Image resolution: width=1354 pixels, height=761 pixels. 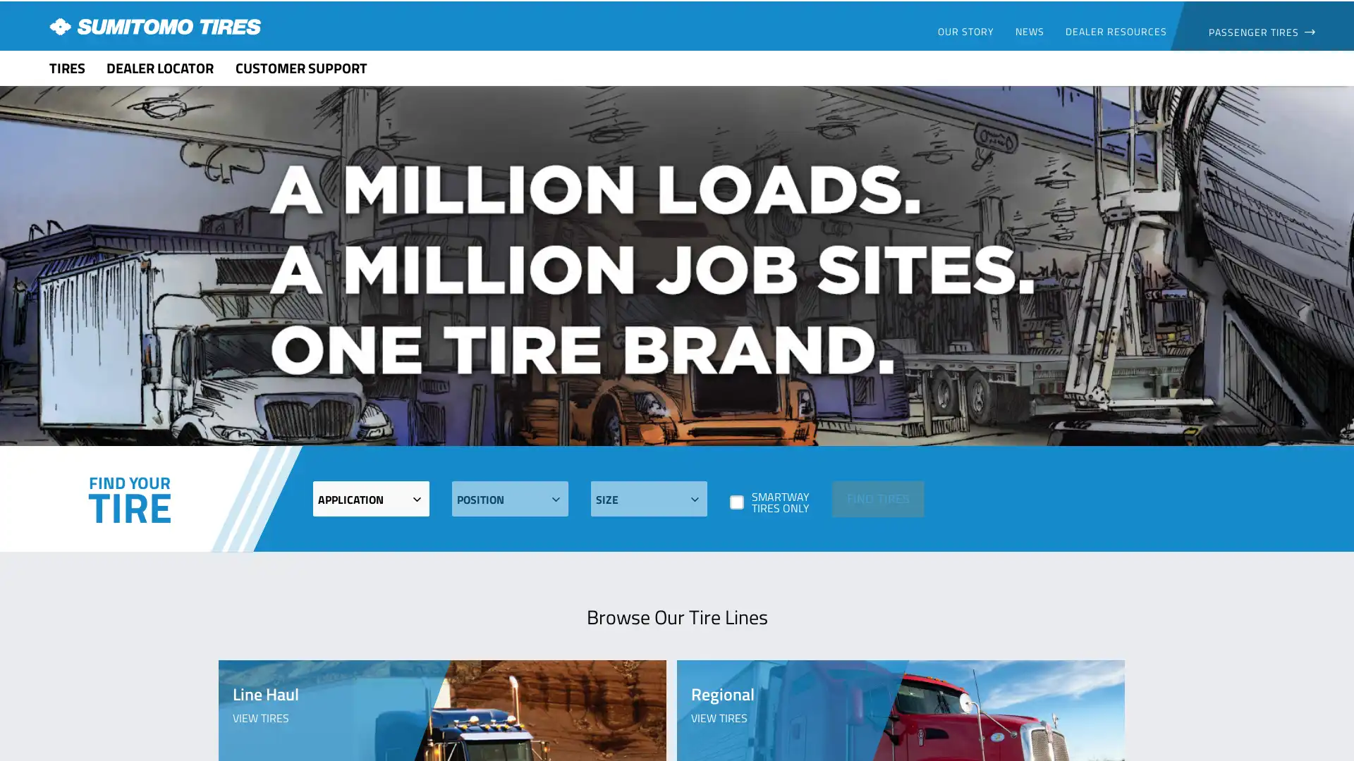 I want to click on FIND TIRES, so click(x=877, y=497).